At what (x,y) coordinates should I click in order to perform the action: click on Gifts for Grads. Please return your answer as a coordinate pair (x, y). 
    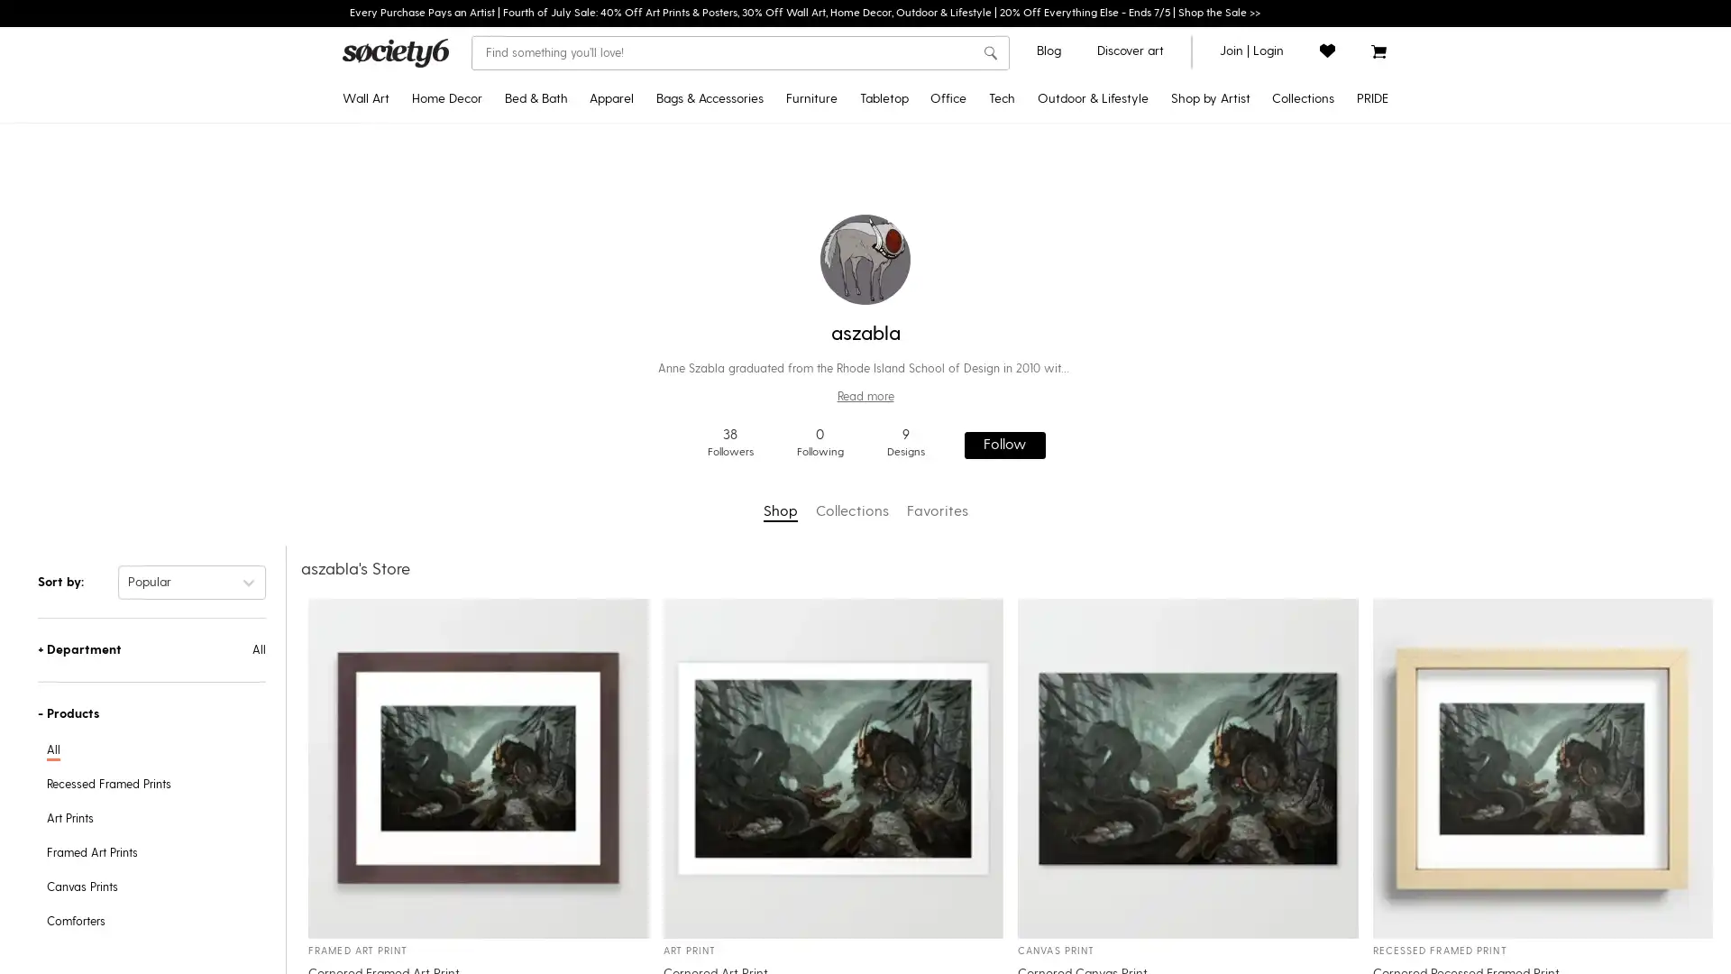
    Looking at the image, I should click on (1236, 174).